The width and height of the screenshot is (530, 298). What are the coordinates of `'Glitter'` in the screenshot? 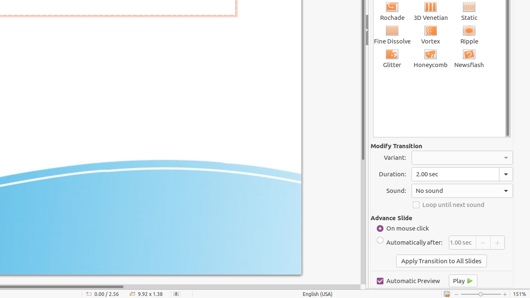 It's located at (392, 58).